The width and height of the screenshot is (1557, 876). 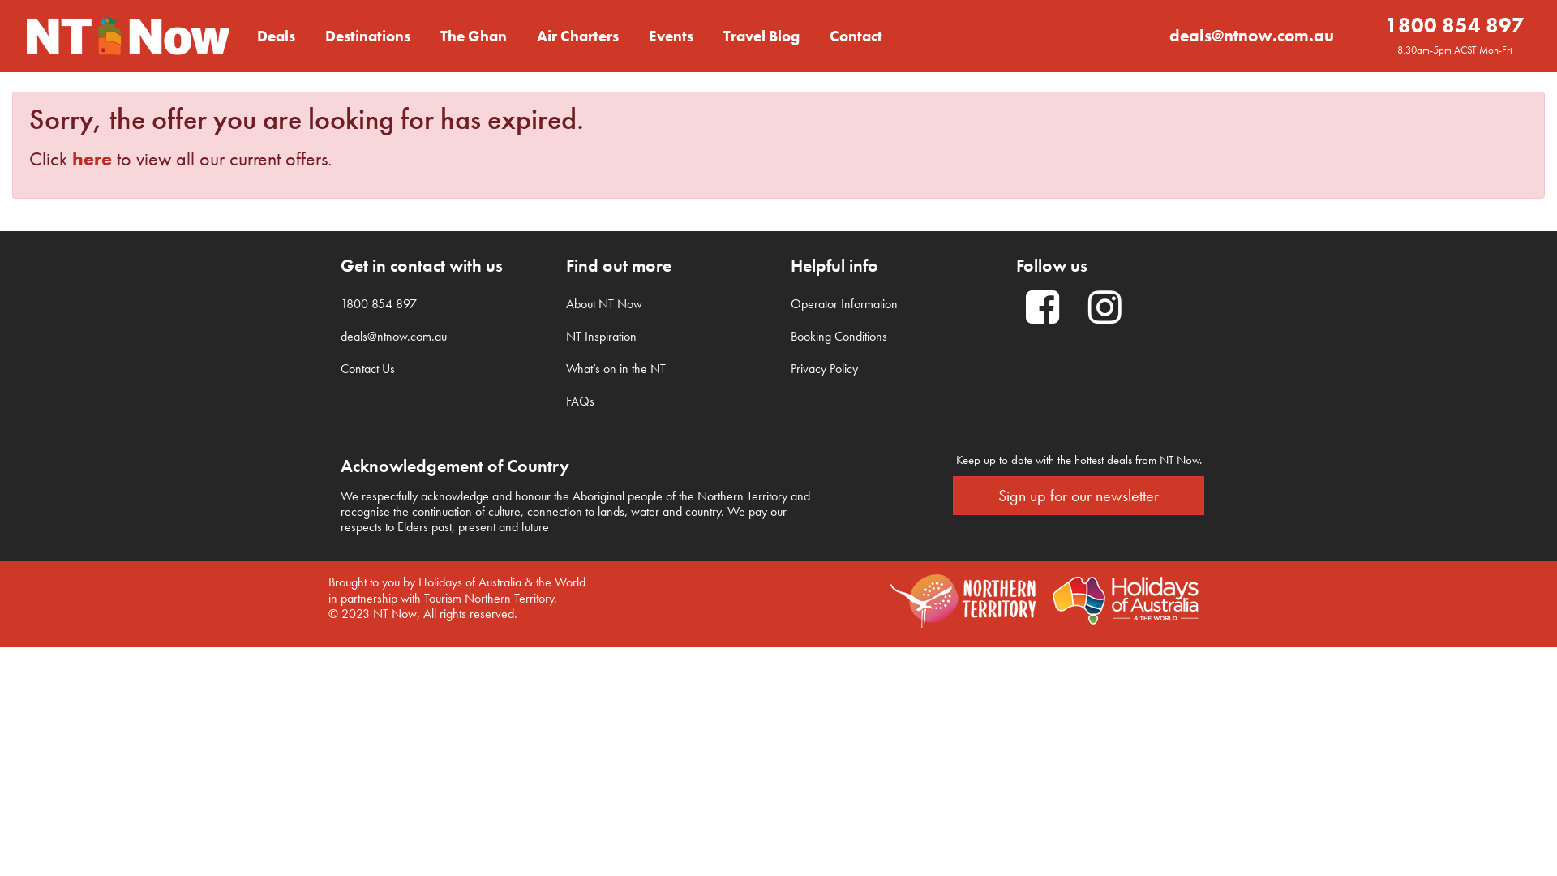 I want to click on 'deals@ntnow.com.au', so click(x=1250, y=35).